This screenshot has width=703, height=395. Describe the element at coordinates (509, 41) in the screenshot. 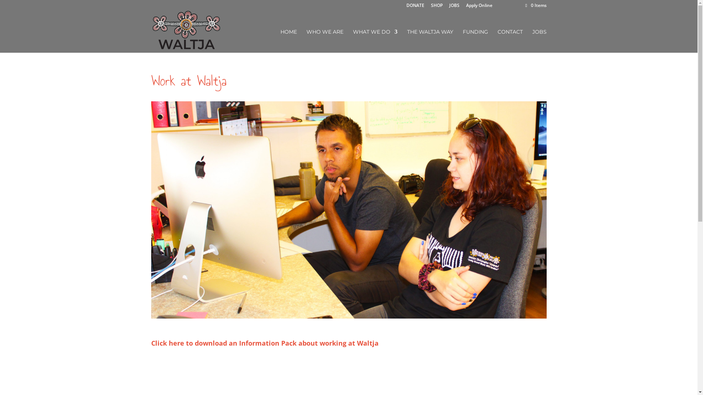

I see `'CONTACT'` at that location.